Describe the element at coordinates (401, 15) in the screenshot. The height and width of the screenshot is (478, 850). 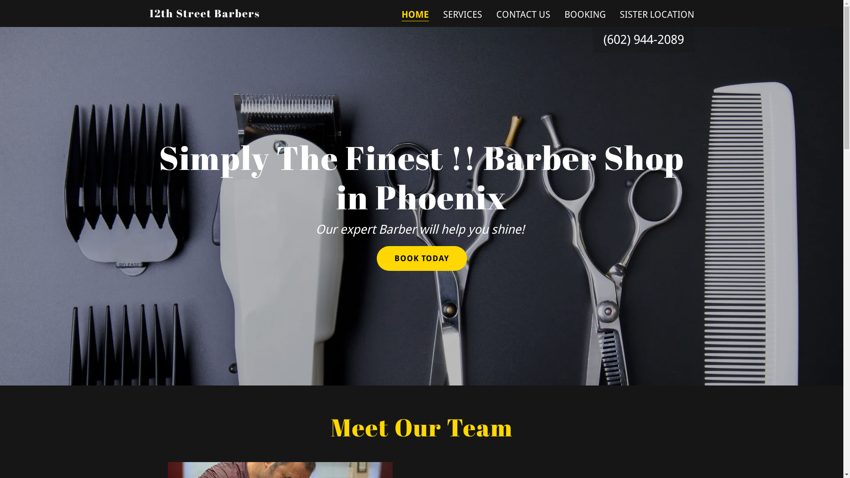
I see `'HOME'` at that location.